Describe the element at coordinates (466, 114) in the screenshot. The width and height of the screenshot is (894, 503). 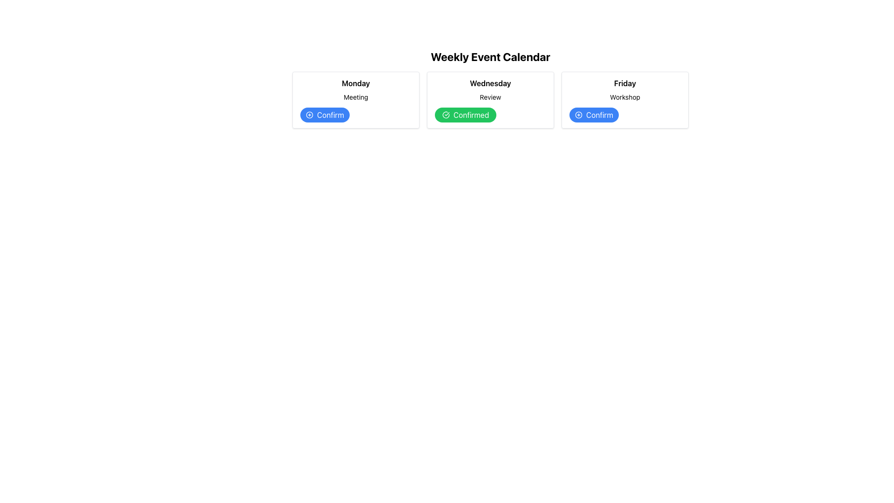
I see `the Status Indicator button labeled 'Confirmed' with a green background and checkmark icon, located in the Wednesday section of the Weekly Event Calendar interface` at that location.